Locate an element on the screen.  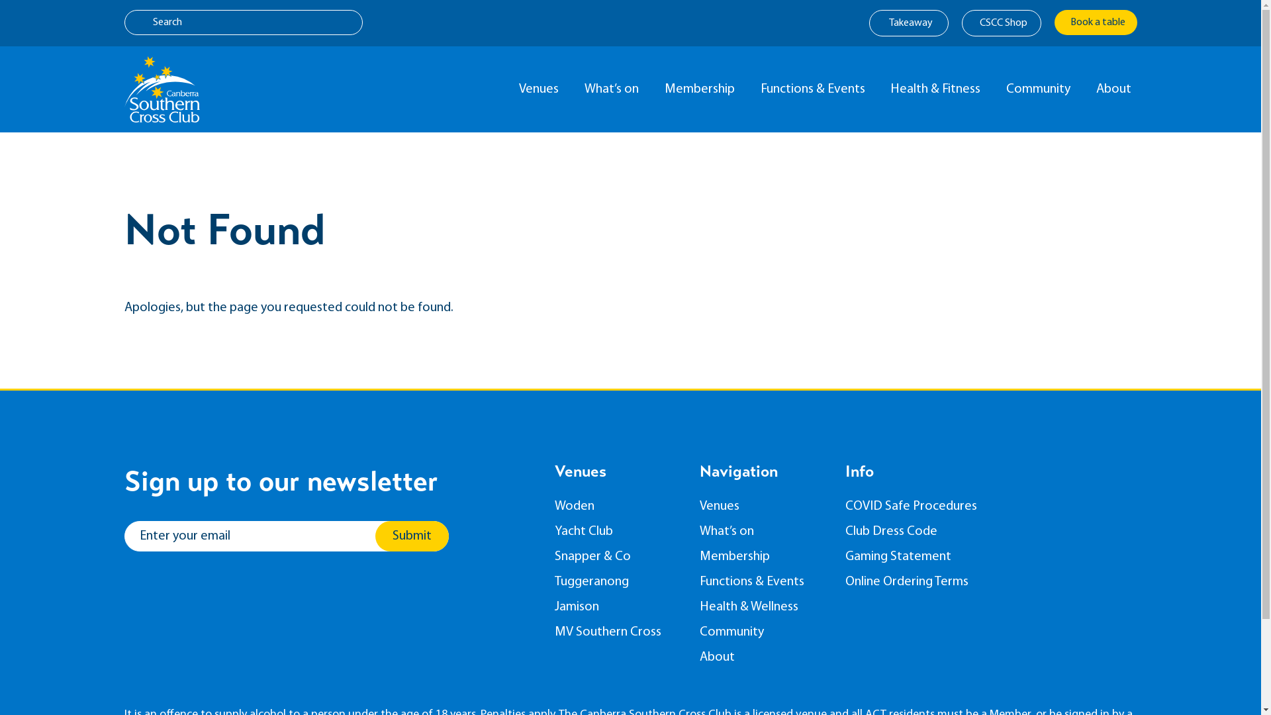
'About' is located at coordinates (698, 657).